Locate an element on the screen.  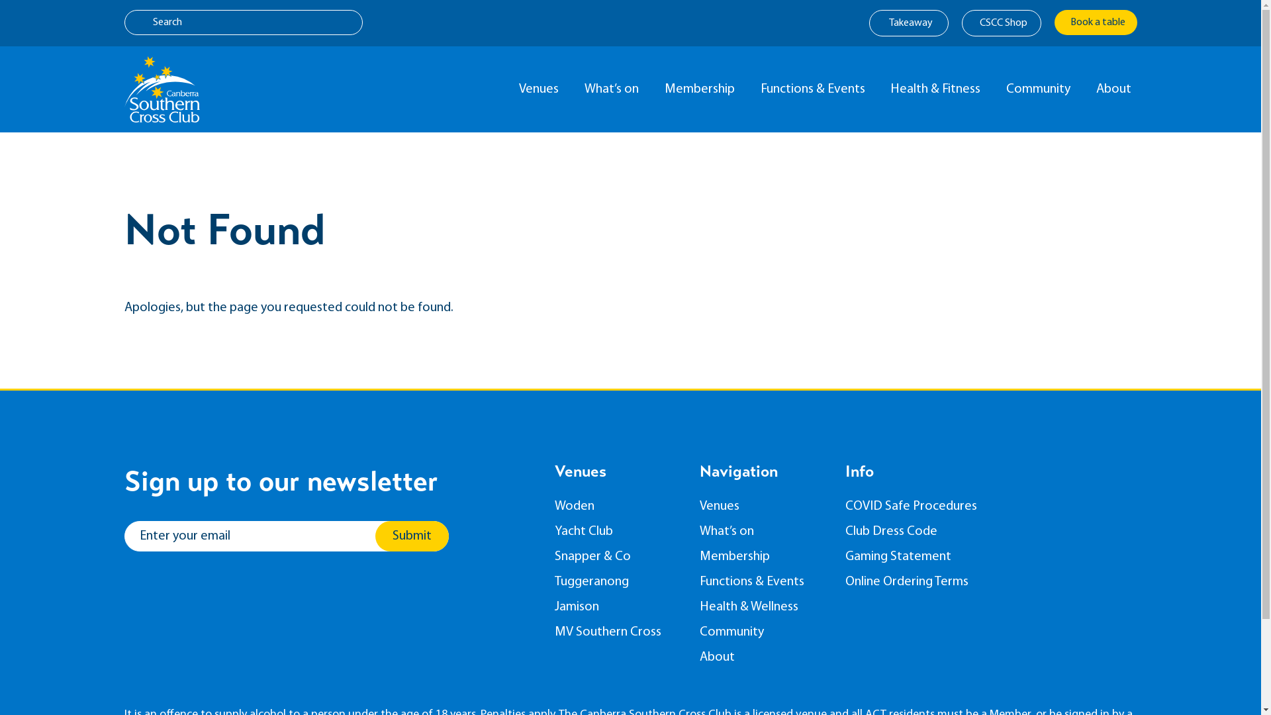
'About' is located at coordinates (698, 657).